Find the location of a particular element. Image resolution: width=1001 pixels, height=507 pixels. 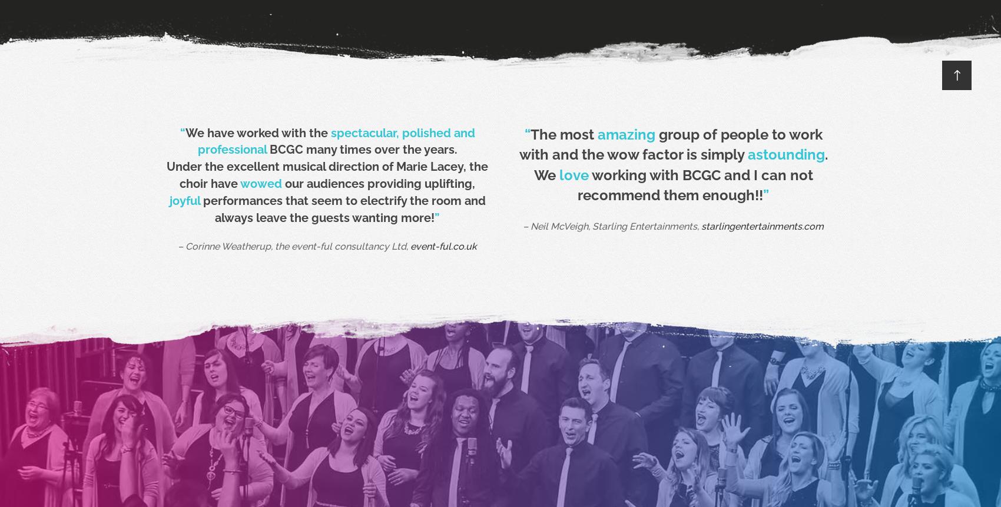

'performances that seem to electrify the room and always leave the guests wanting more!' is located at coordinates (342, 208).